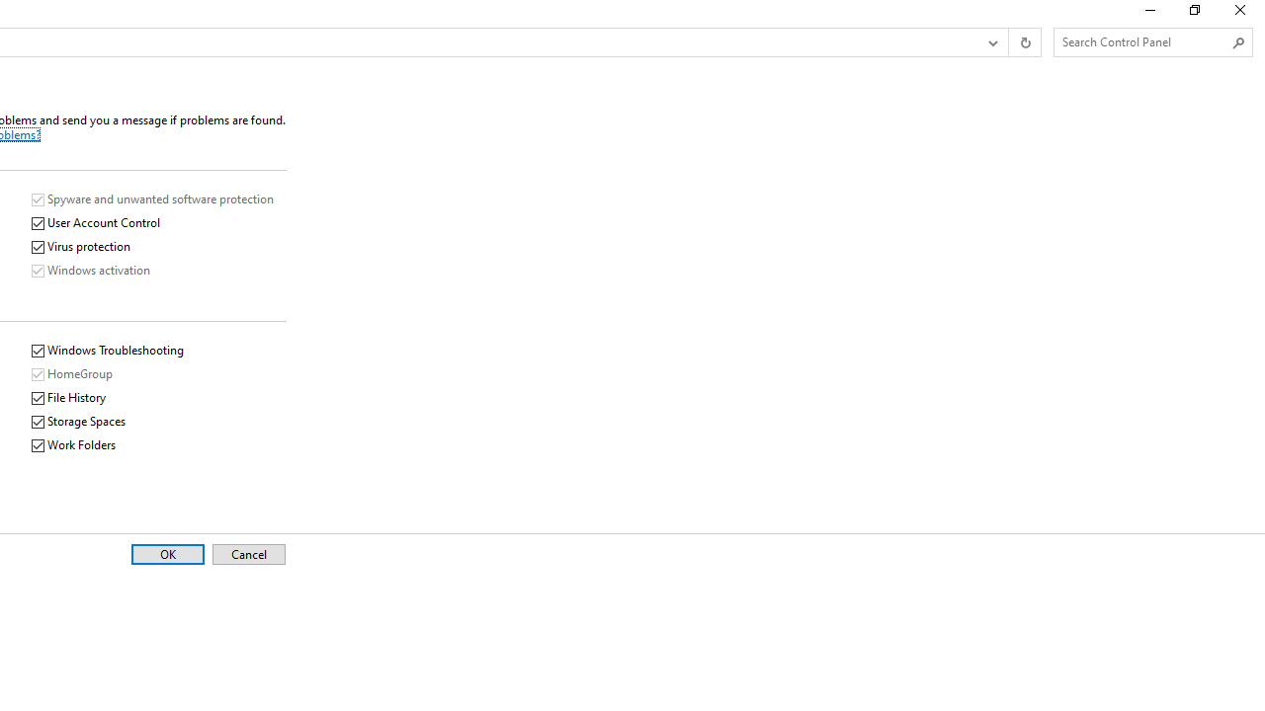 Image resolution: width=1265 pixels, height=711 pixels. What do you see at coordinates (1148, 15) in the screenshot?
I see `'Minimize'` at bounding box center [1148, 15].